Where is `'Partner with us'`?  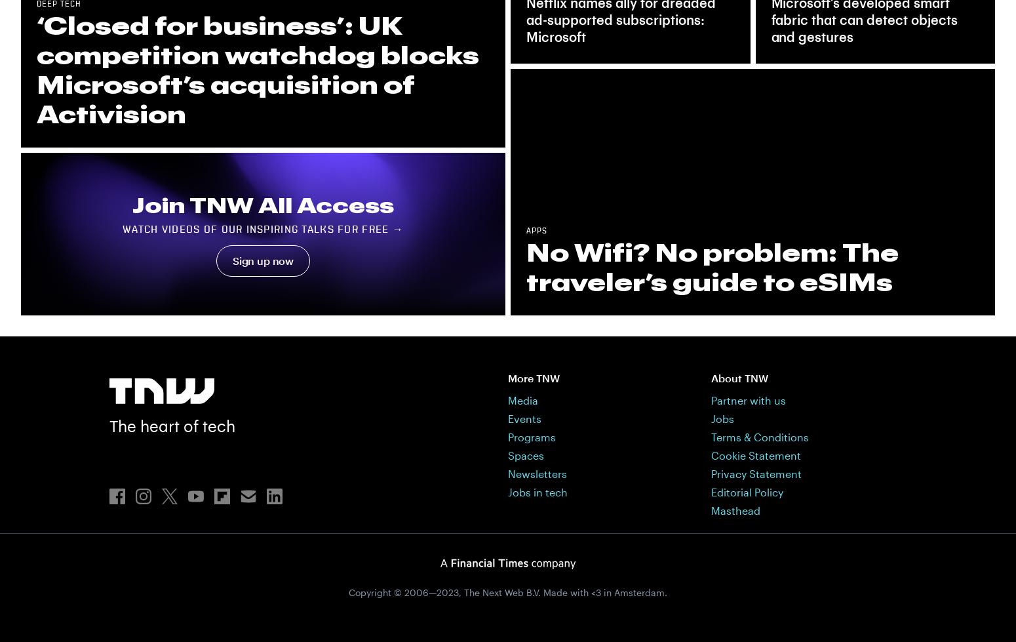 'Partner with us' is located at coordinates (748, 399).